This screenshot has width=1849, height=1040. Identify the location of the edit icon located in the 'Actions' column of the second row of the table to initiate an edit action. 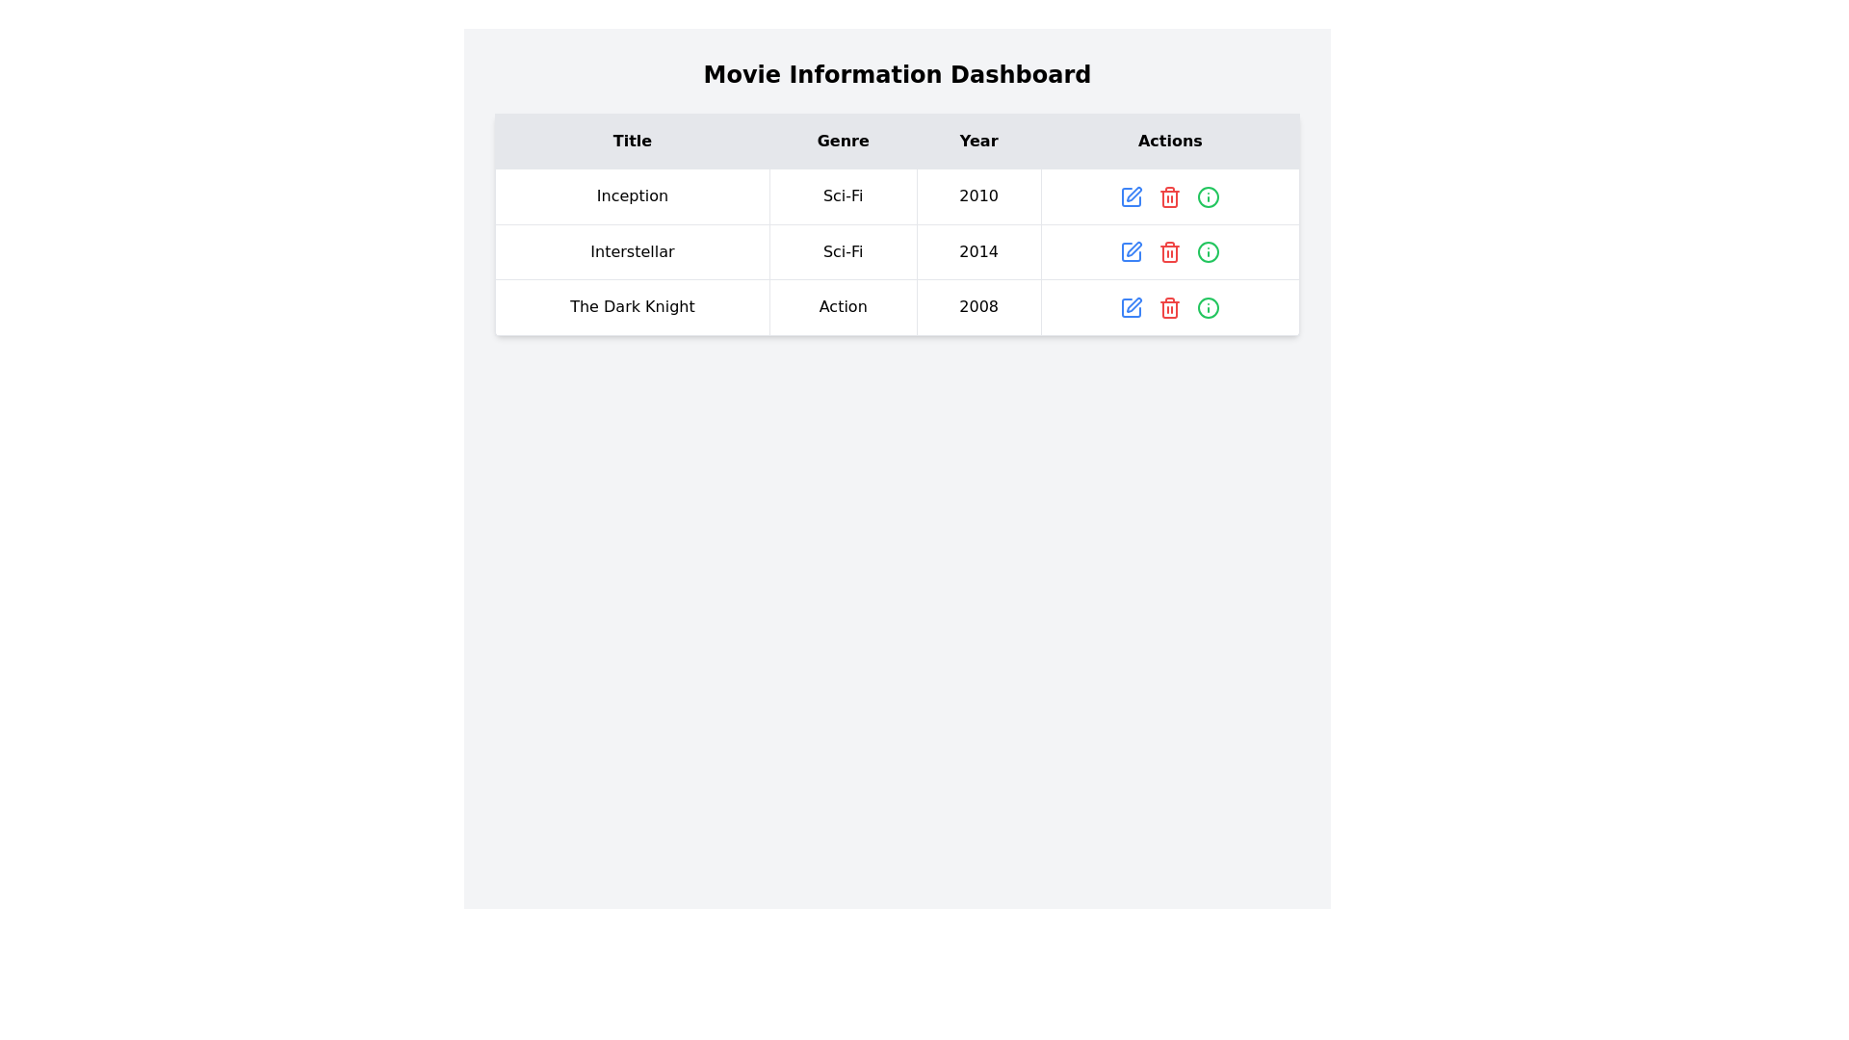
(1133, 193).